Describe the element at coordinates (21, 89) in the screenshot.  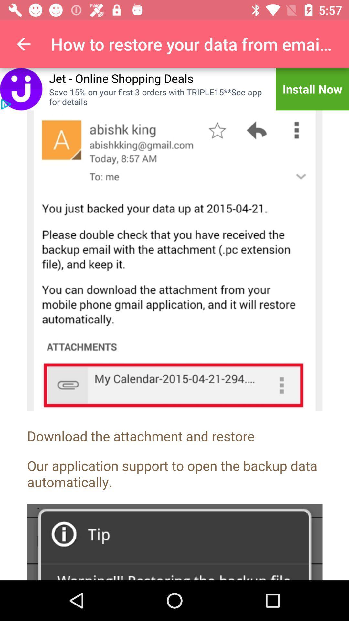
I see `advertisement` at that location.